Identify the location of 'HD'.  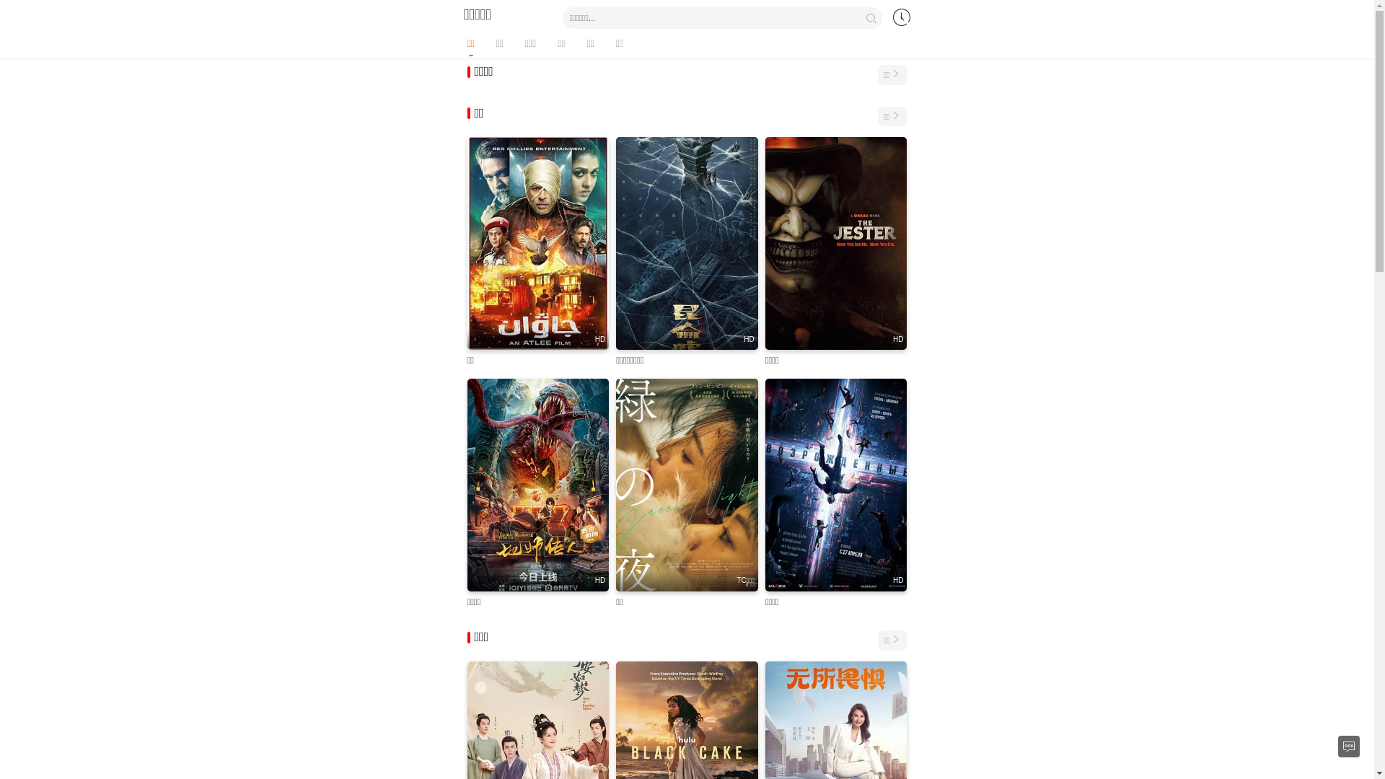
(836, 242).